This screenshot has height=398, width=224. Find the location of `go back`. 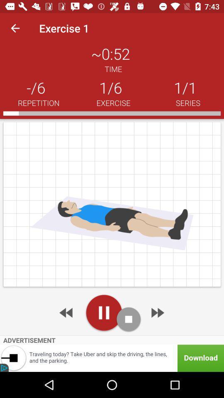

go back is located at coordinates (66, 312).